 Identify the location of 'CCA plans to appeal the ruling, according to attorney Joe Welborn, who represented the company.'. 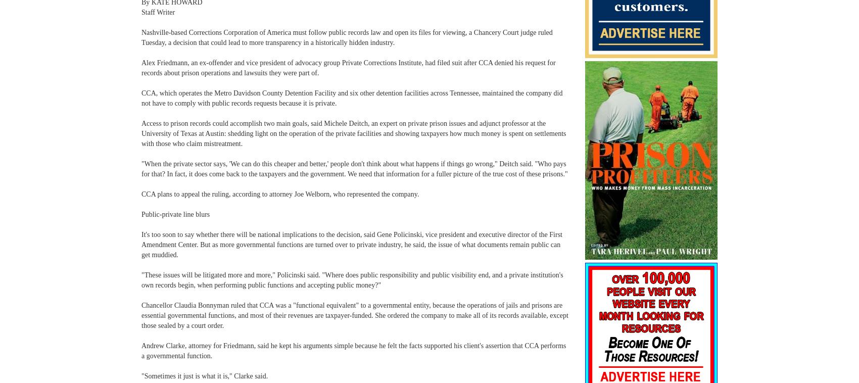
(279, 194).